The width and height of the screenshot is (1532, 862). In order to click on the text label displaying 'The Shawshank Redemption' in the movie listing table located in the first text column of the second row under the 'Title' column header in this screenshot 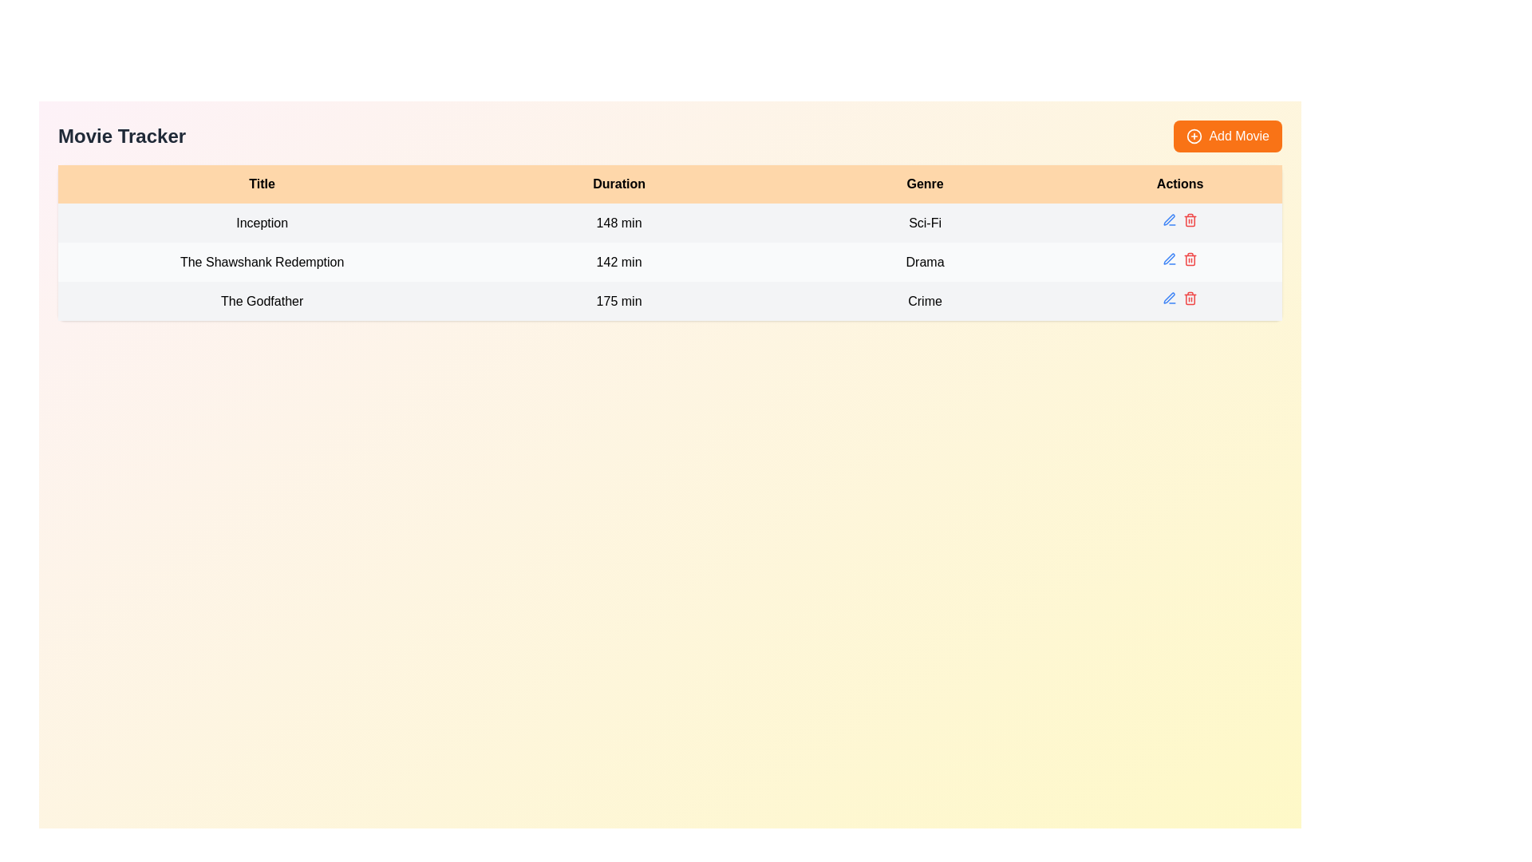, I will do `click(262, 261)`.